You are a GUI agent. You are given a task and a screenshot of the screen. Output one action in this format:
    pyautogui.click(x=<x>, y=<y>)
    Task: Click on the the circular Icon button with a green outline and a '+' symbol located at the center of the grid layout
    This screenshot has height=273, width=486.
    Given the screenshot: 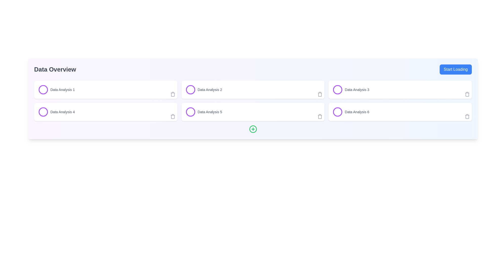 What is the action you would take?
    pyautogui.click(x=253, y=129)
    